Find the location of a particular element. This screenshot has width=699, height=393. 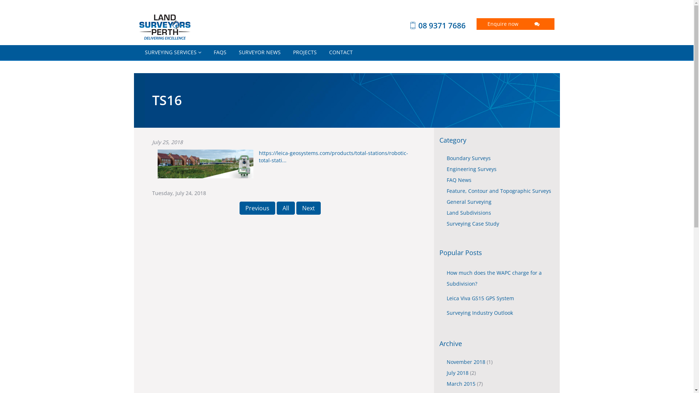

'CONTACT' is located at coordinates (340, 52).